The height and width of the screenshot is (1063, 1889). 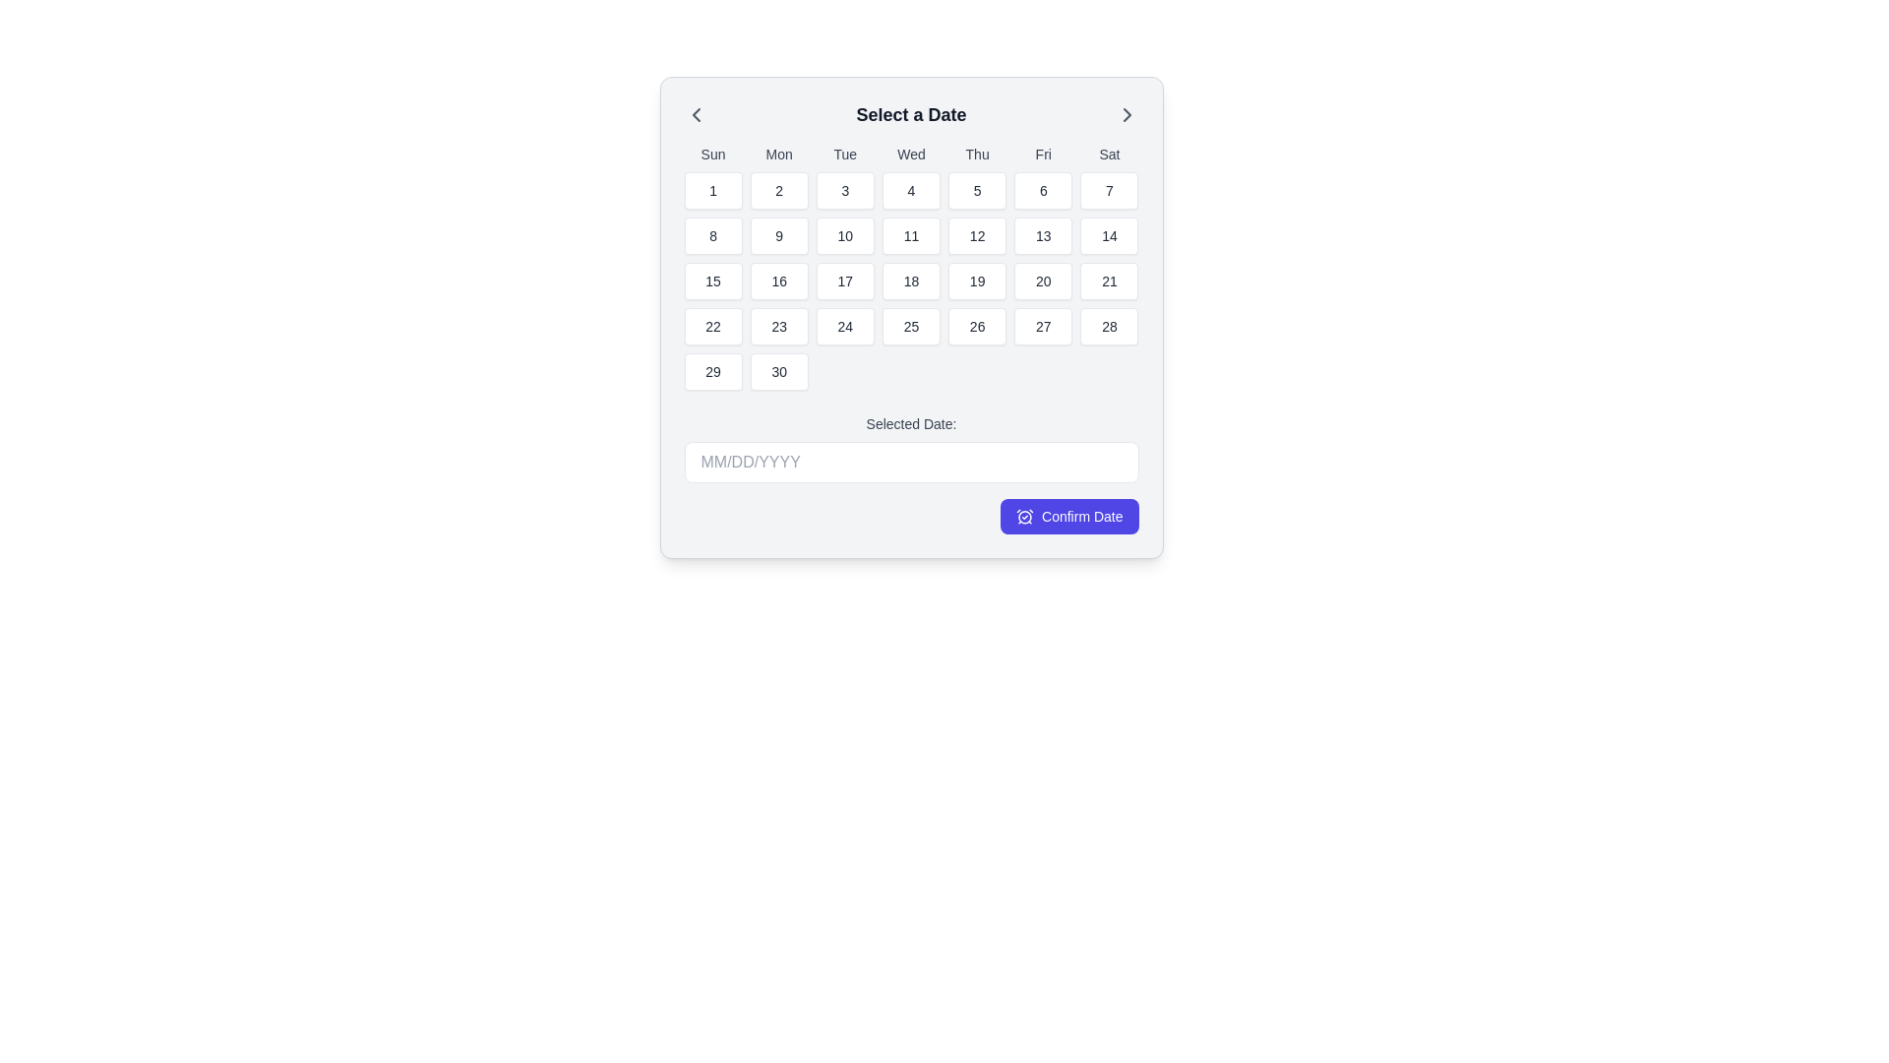 I want to click on the button with a white background and rounded border labeled '30' in the calendar grid under 'Select a Date', so click(x=778, y=372).